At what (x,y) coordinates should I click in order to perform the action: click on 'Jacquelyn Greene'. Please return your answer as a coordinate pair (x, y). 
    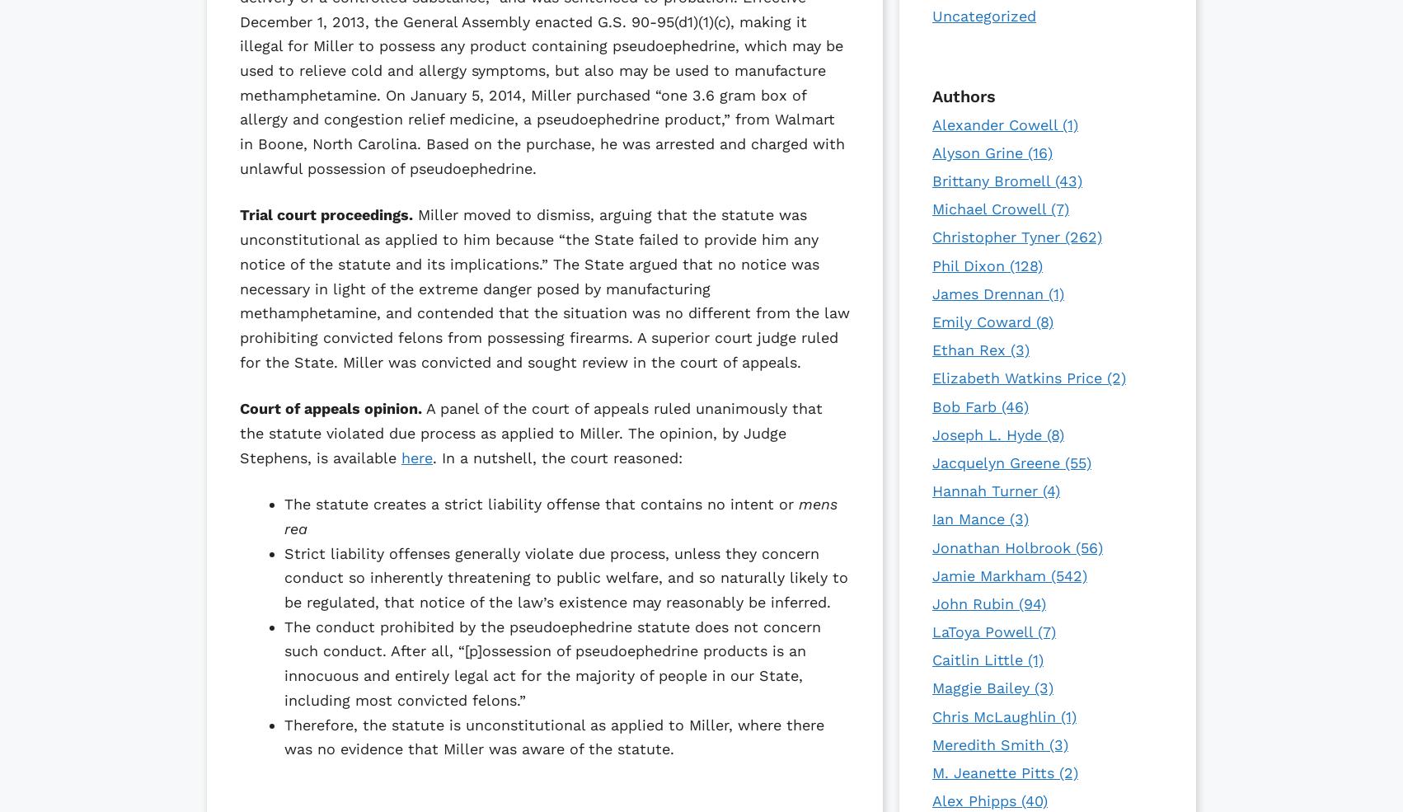
    Looking at the image, I should click on (931, 462).